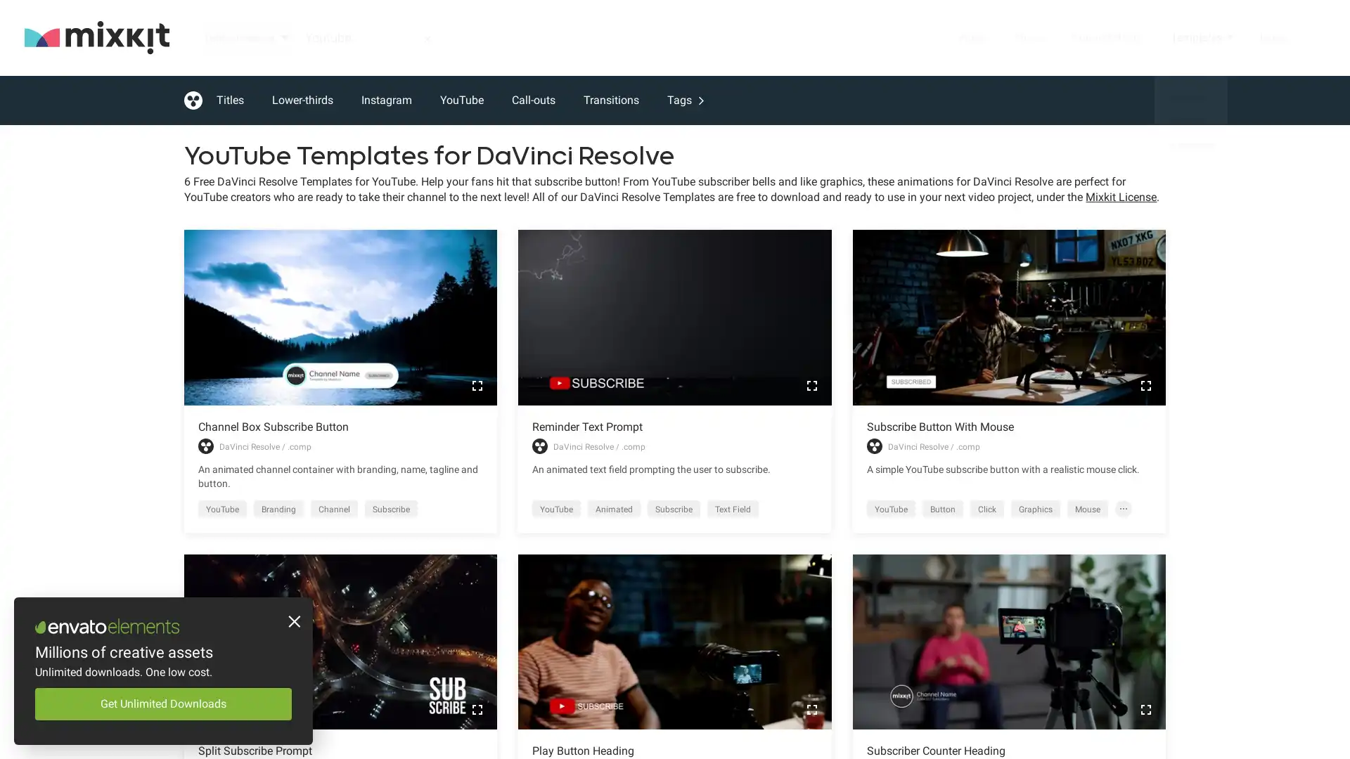  Describe the element at coordinates (1145, 710) in the screenshot. I see `View Fullscreen` at that location.